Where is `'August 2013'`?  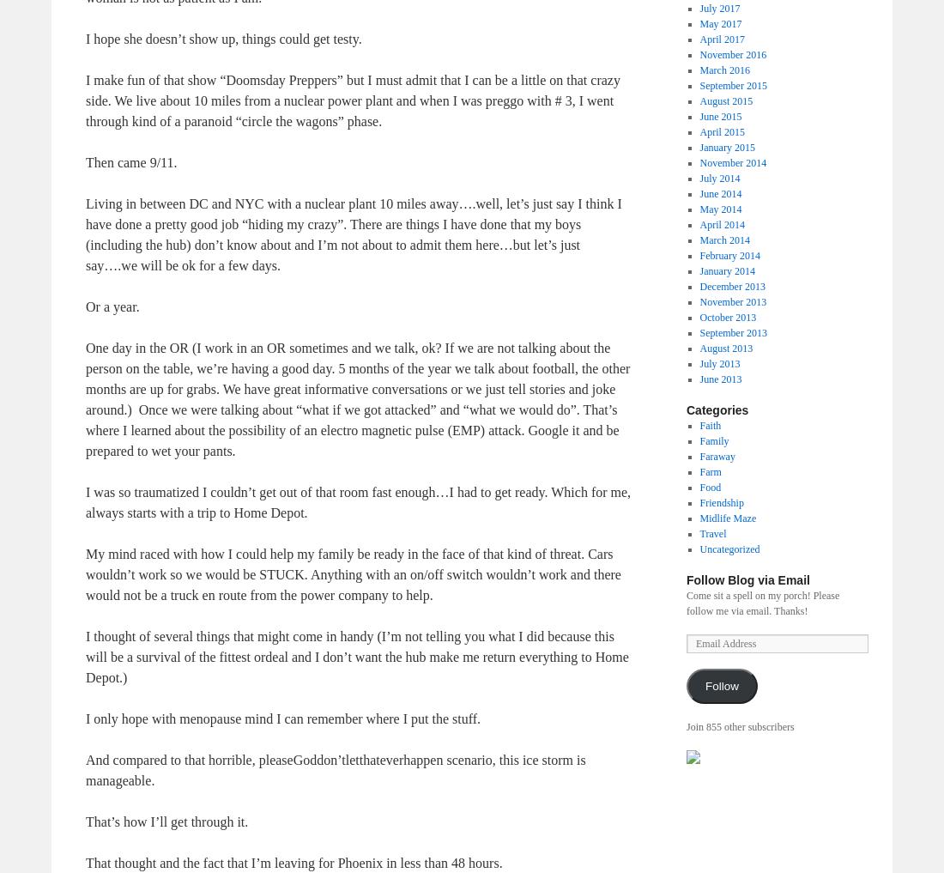 'August 2013' is located at coordinates (725, 347).